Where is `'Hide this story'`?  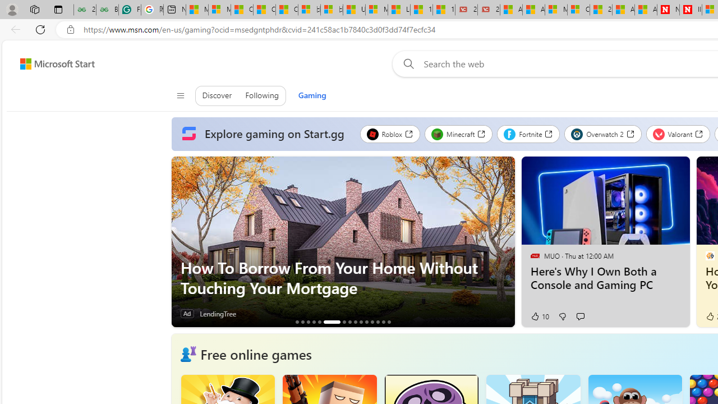 'Hide this story' is located at coordinates (656, 170).